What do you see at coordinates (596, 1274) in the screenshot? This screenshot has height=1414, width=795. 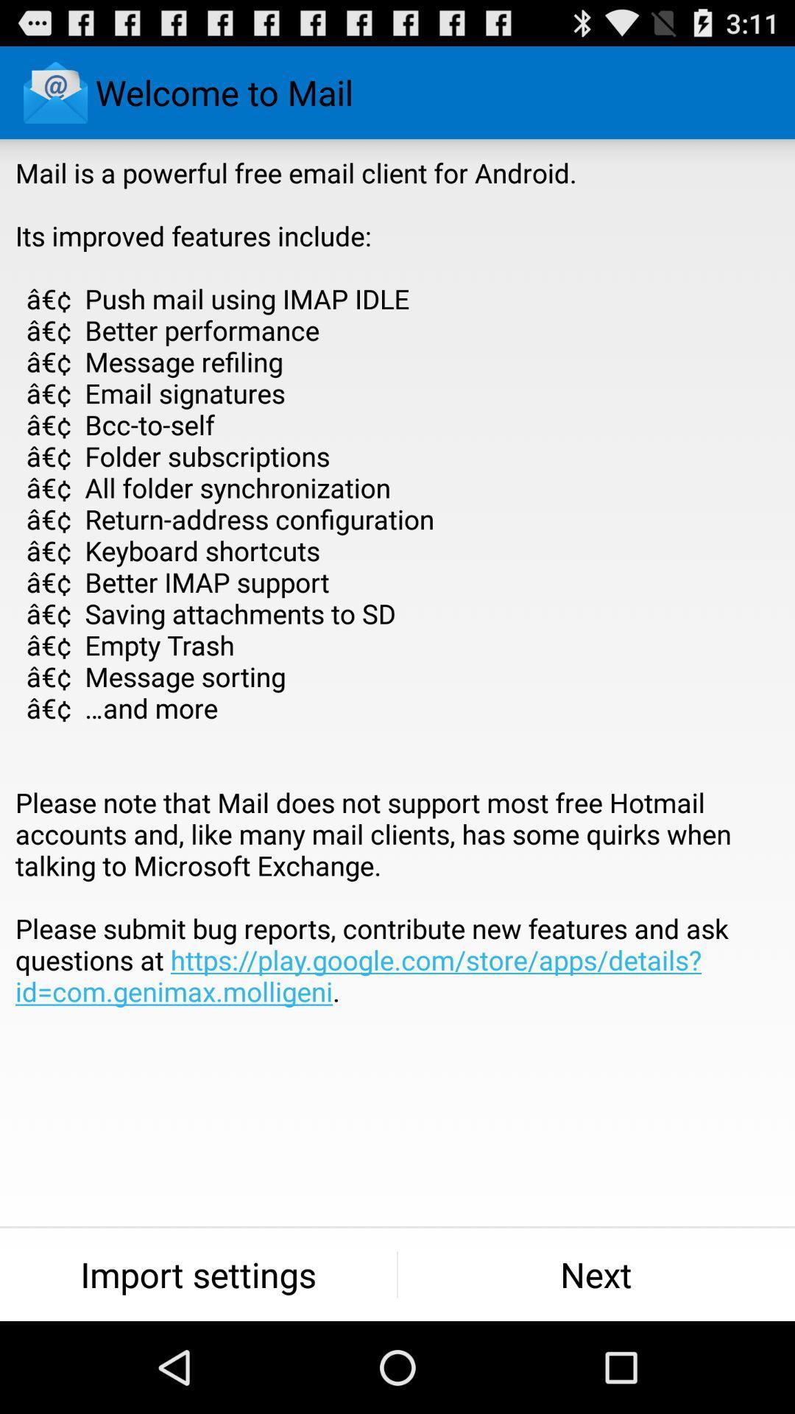 I see `next item` at bounding box center [596, 1274].